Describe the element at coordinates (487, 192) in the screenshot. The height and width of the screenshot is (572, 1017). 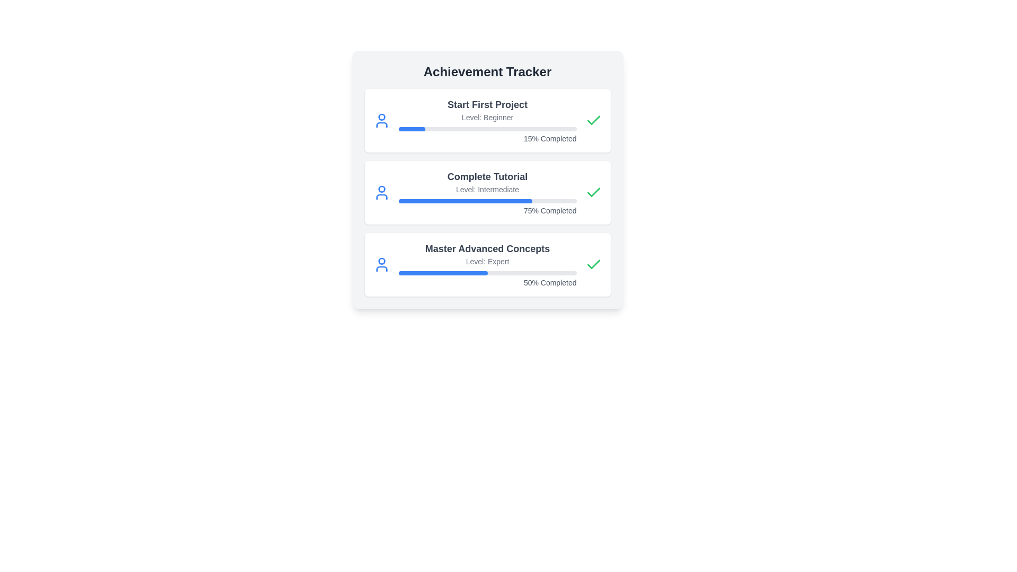
I see `the textual indicators of the Progress Indicator with Descriptive Labels, which provides feedback on progress for a tutorial activity within the 'Achievement Tracker' section` at that location.